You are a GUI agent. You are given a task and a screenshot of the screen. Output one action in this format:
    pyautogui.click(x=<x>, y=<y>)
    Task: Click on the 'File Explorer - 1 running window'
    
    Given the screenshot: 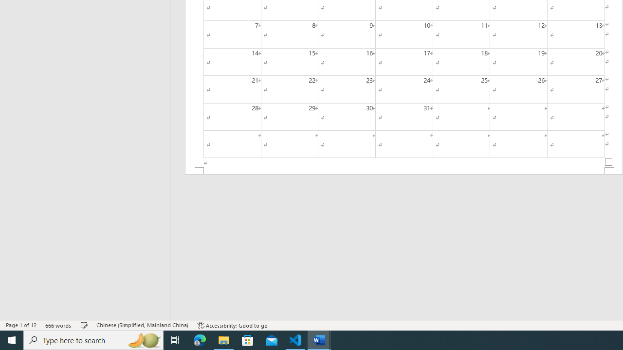 What is the action you would take?
    pyautogui.click(x=223, y=339)
    